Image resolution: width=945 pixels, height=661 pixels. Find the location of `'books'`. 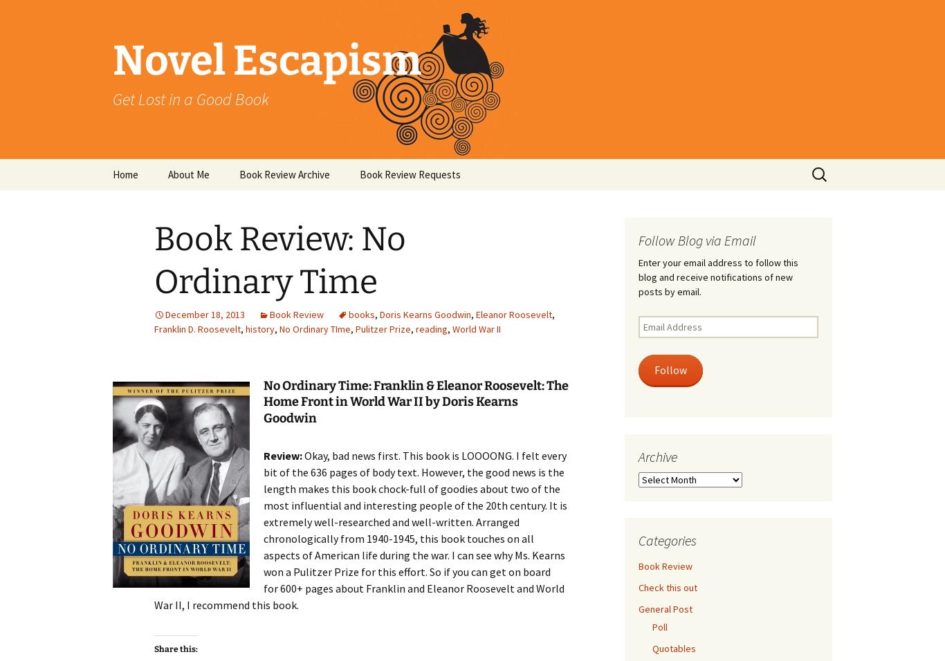

'books' is located at coordinates (362, 314).